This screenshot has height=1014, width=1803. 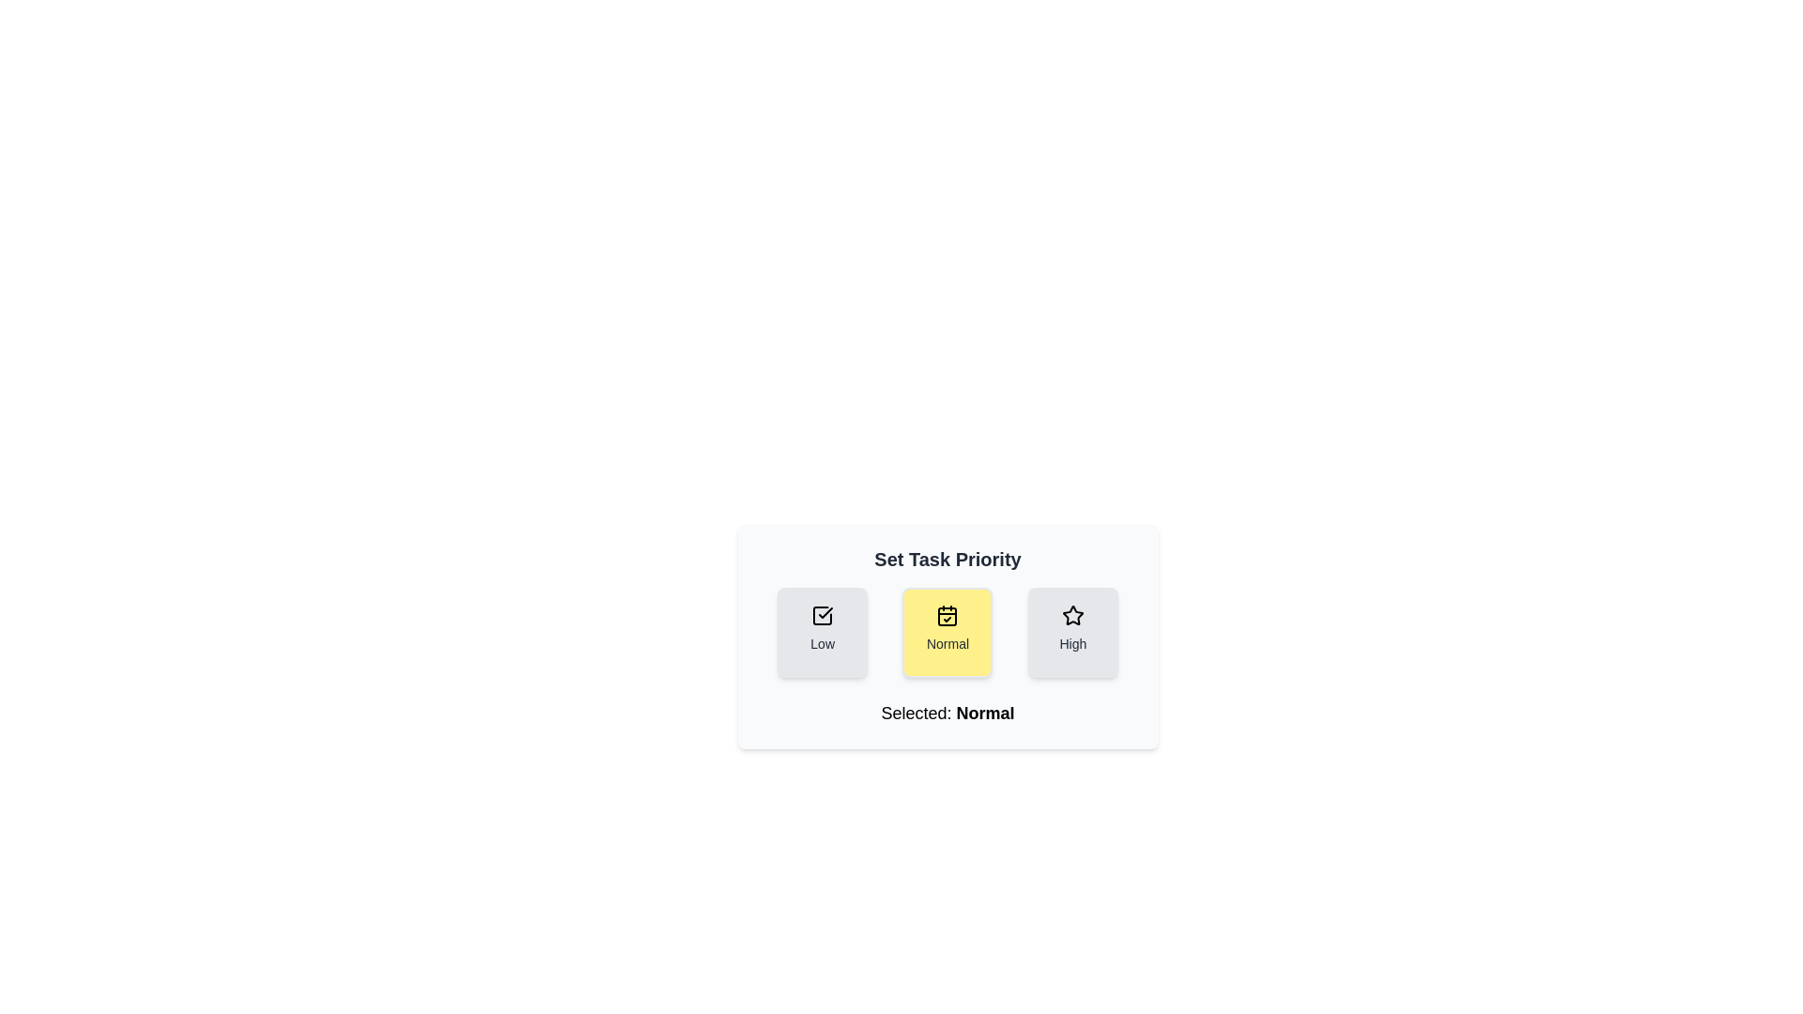 I want to click on the priority button to set the task priority to Normal, so click(x=948, y=633).